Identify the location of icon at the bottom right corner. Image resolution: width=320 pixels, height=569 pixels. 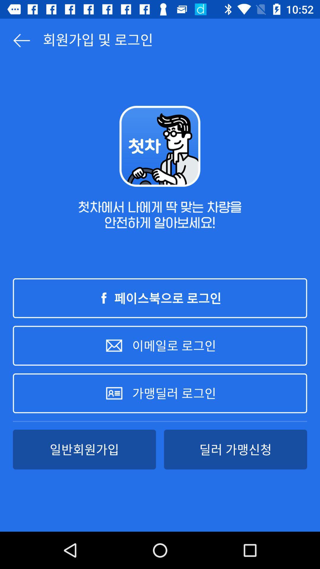
(235, 449).